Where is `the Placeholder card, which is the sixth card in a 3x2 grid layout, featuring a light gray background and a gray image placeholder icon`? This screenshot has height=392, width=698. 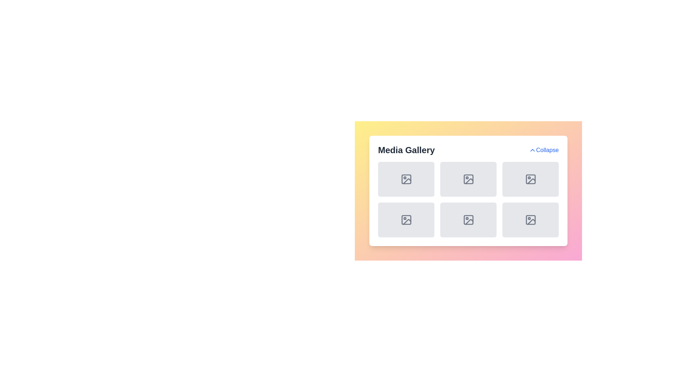 the Placeholder card, which is the sixth card in a 3x2 grid layout, featuring a light gray background and a gray image placeholder icon is located at coordinates (468, 219).